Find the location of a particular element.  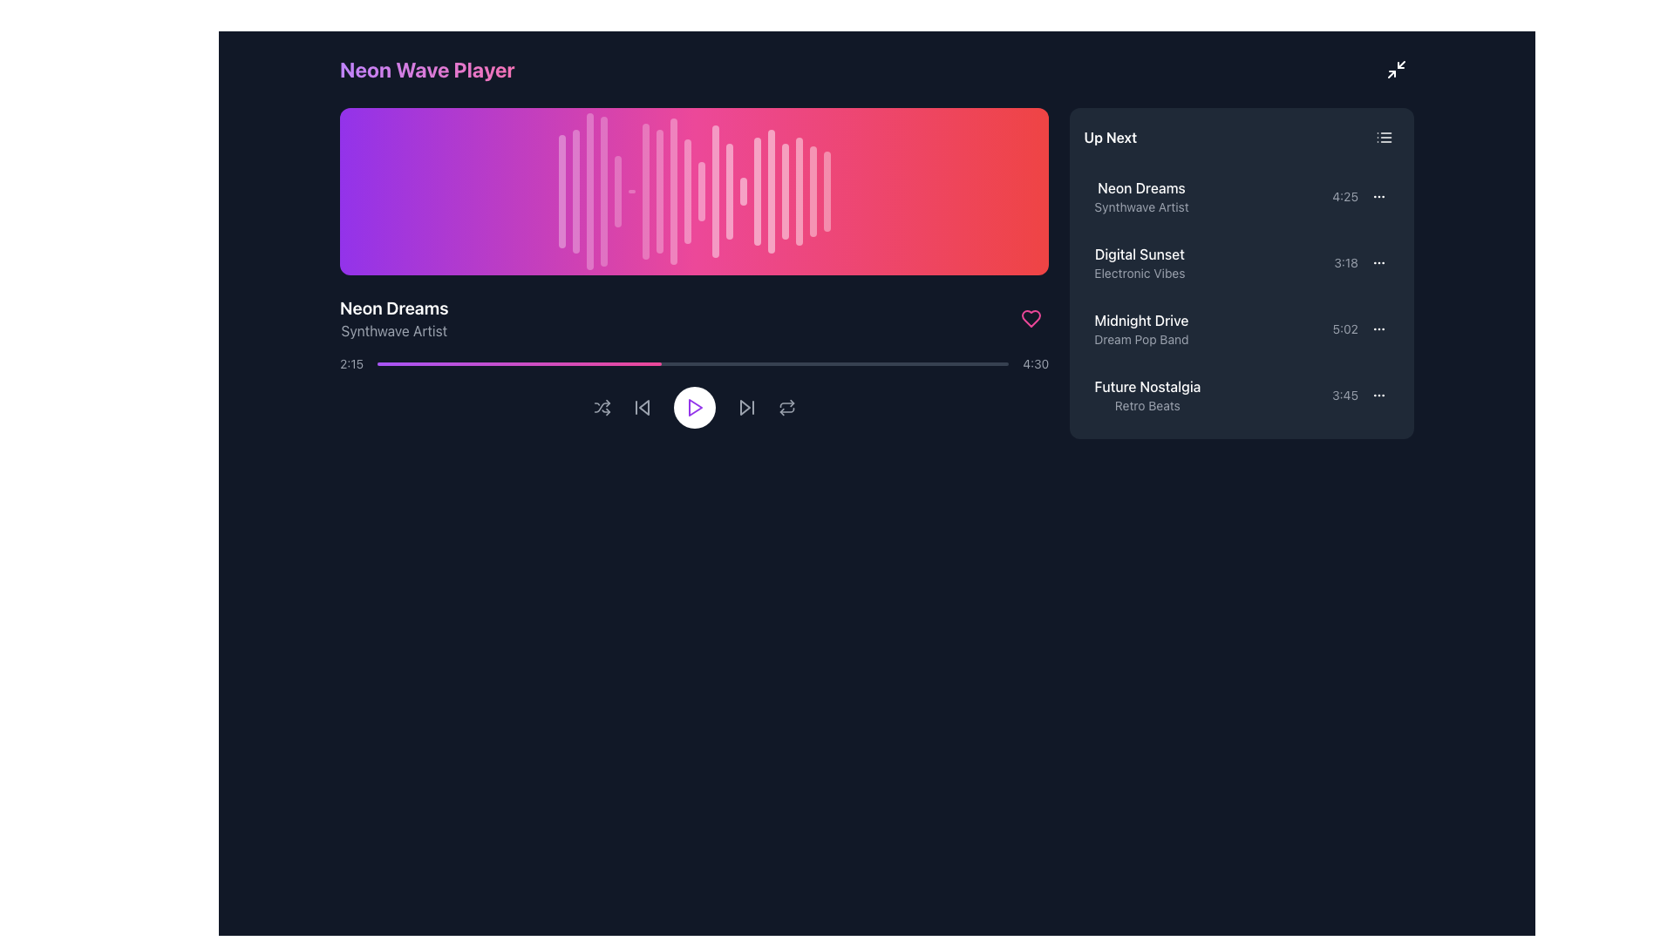

the skip-forward button located at the center of the bottom control panel of the media player interface is located at coordinates (745, 407).